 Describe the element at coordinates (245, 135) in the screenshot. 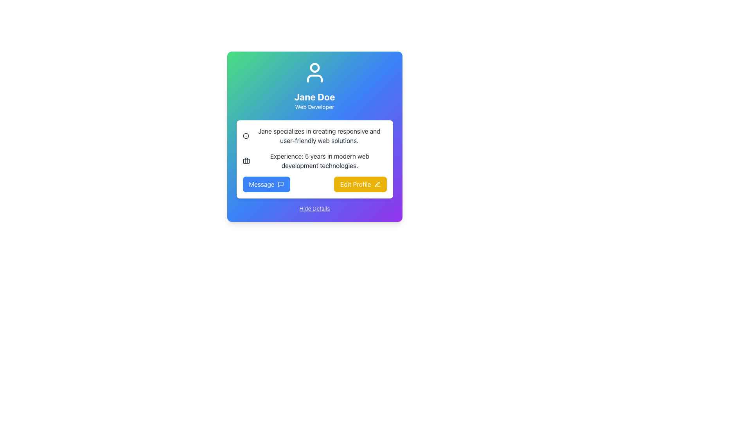

I see `the informational icon located to the left of the descriptive text 'Jane specializes in creating...' within the profile card` at that location.